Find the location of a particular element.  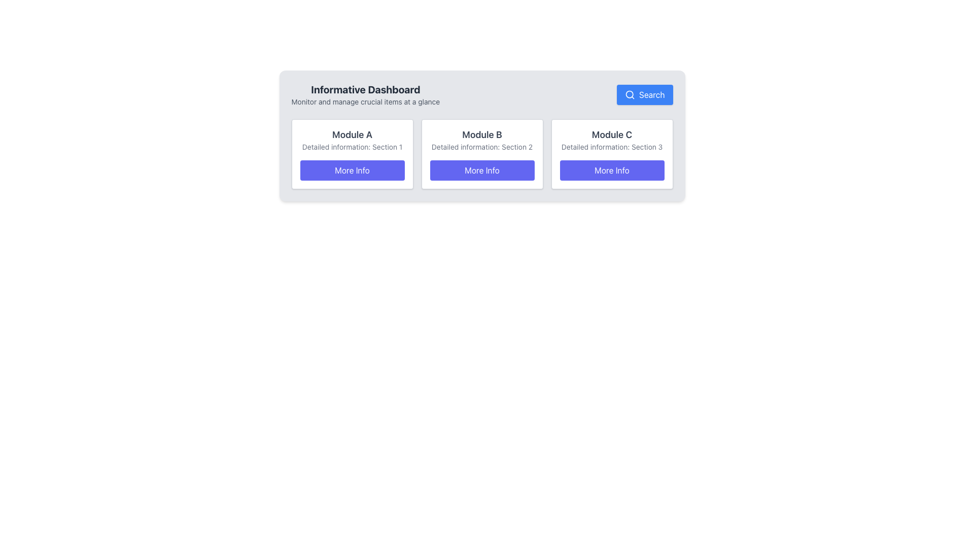

the header block that serves as a title and brief description for the dashboard, located in the top left of the interface is located at coordinates (365, 94).